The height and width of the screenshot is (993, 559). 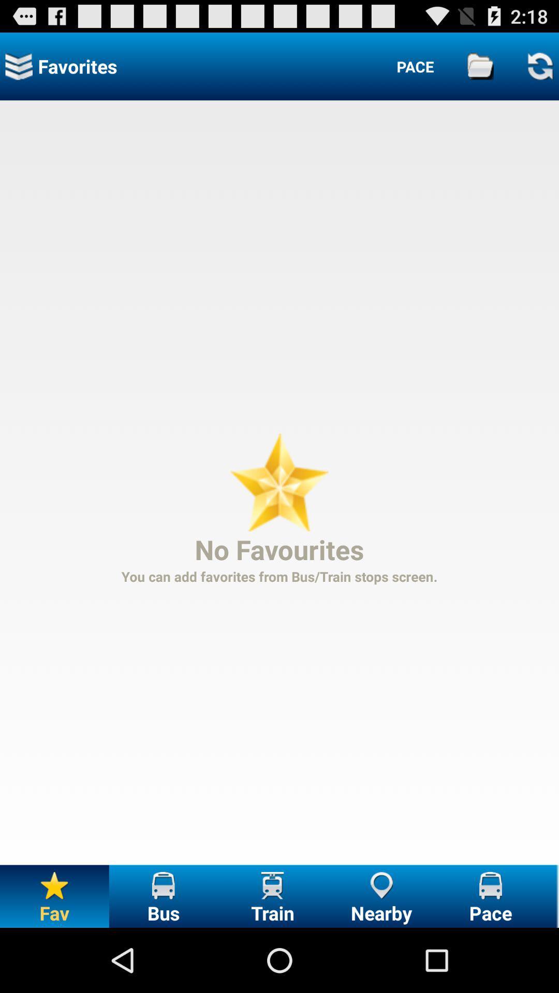 I want to click on the folder icon, so click(x=480, y=70).